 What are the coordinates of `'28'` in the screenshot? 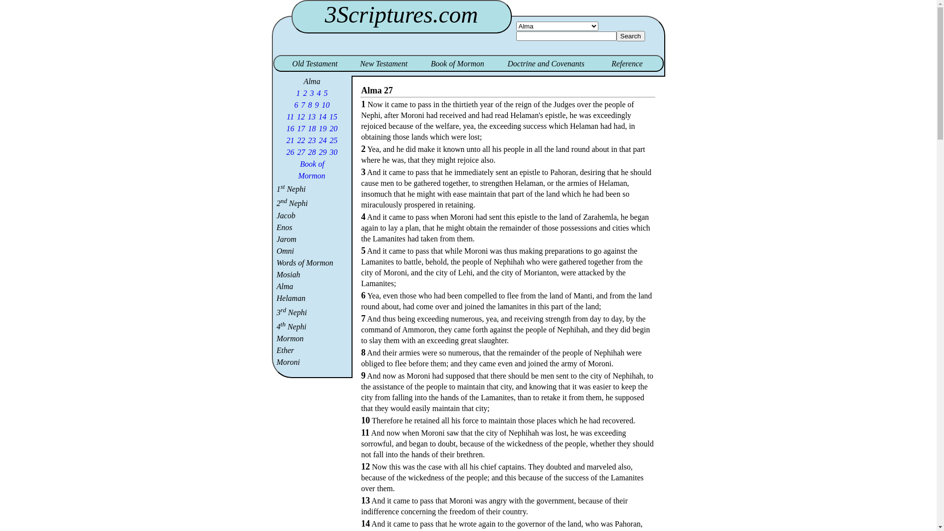 It's located at (307, 152).